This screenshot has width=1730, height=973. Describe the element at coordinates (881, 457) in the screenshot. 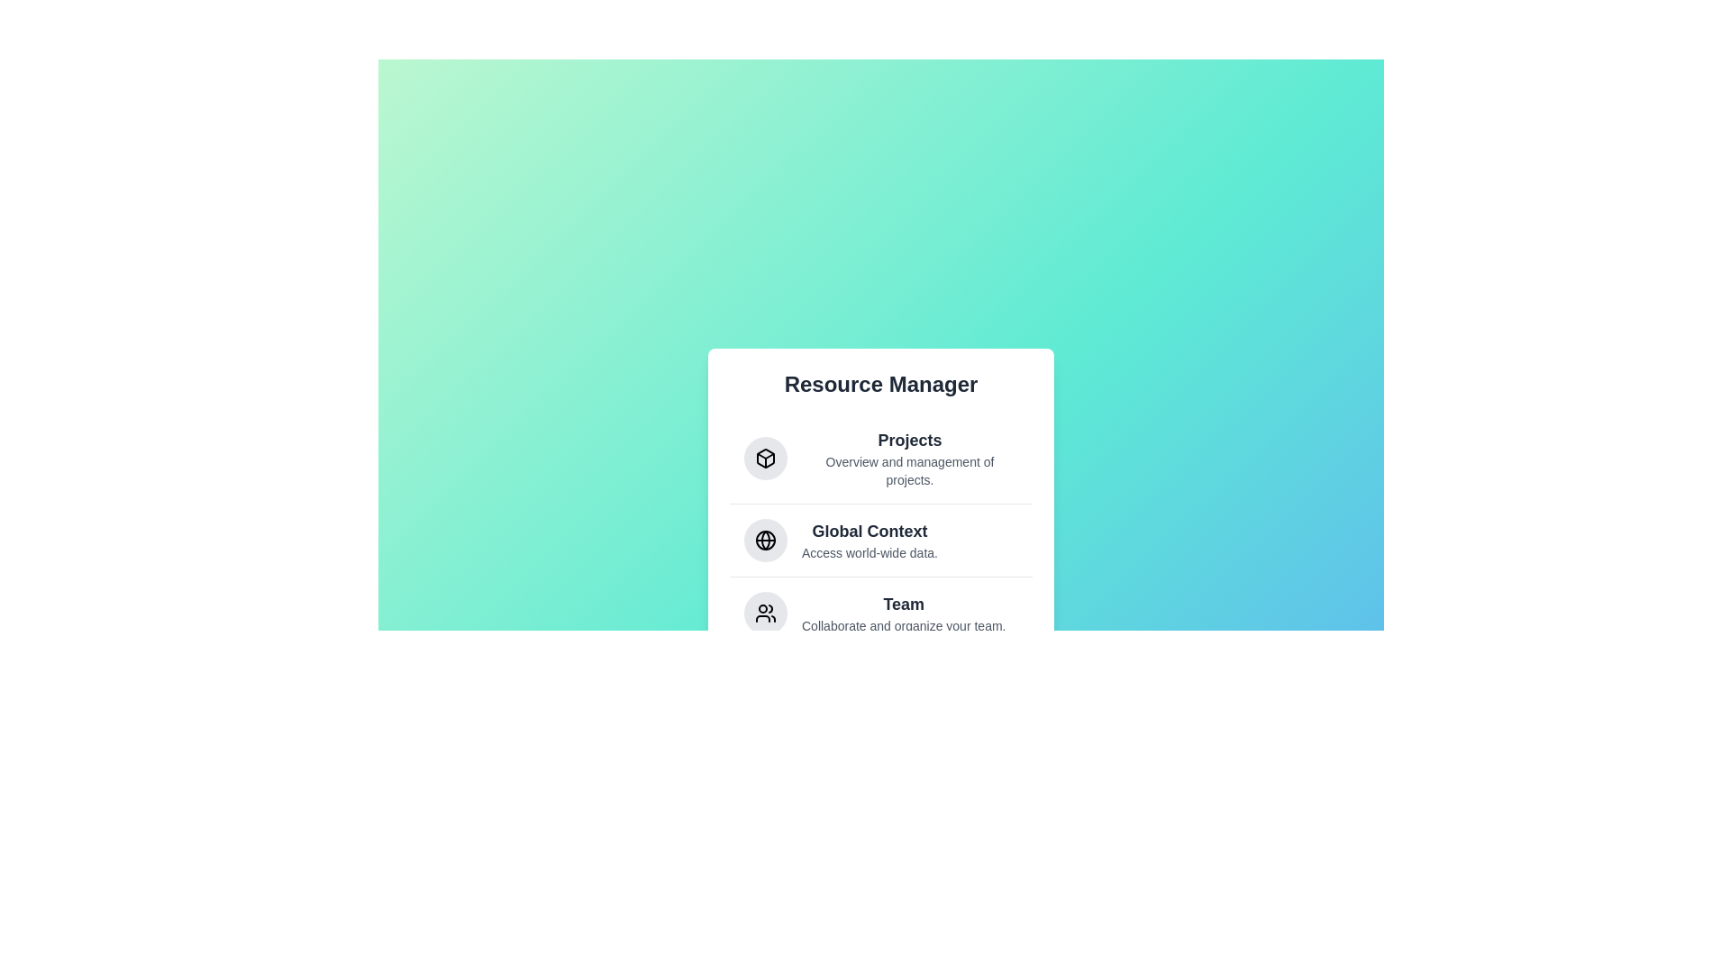

I see `the menu item Projects to reveal additional information` at that location.